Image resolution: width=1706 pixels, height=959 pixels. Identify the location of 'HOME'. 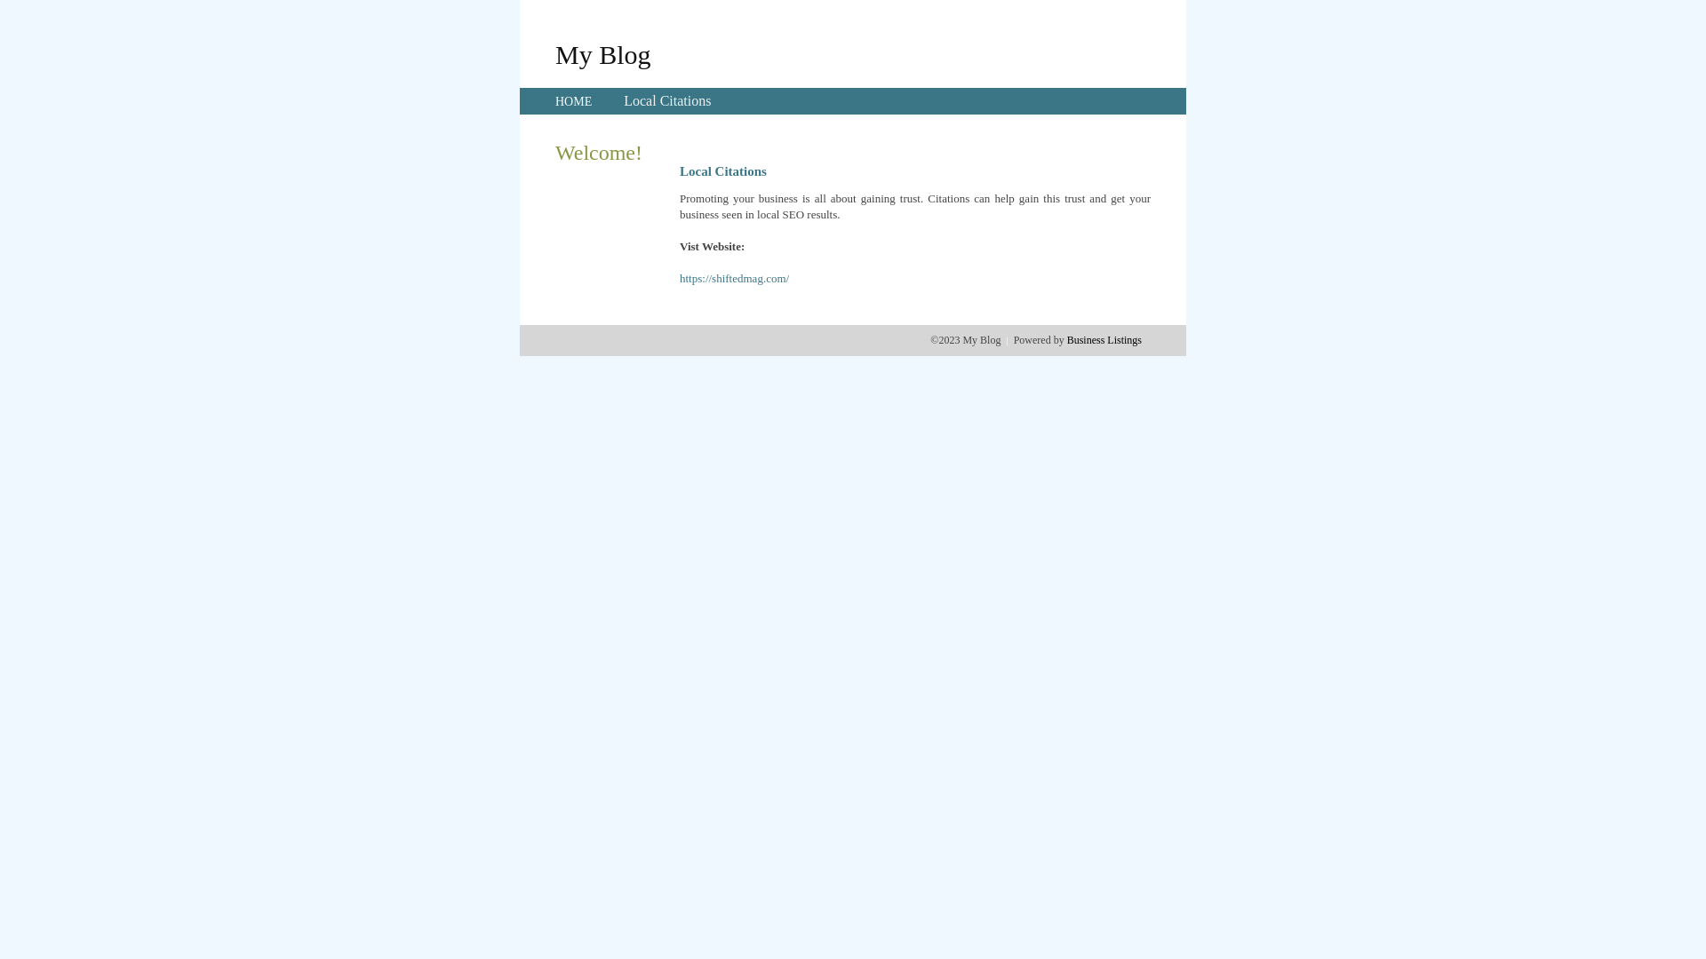
(573, 101).